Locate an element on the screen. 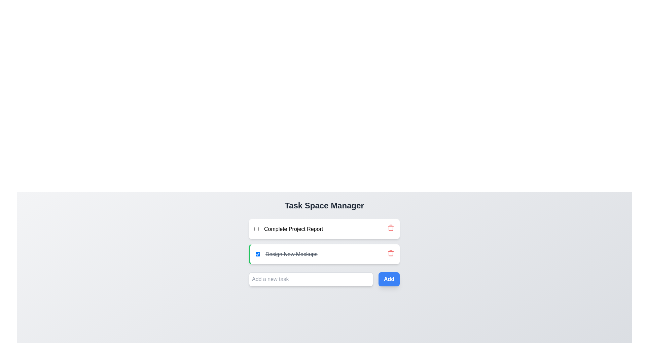 This screenshot has width=646, height=363. the red trash bin icon button associated with the 'Design New Mockups' task in the Task Space Manager is located at coordinates (391, 228).